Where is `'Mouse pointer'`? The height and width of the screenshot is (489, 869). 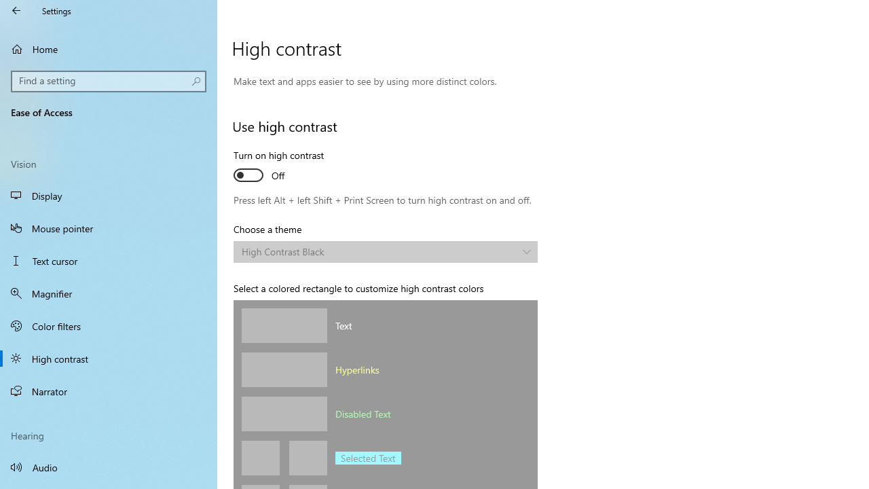
'Mouse pointer' is located at coordinates (109, 227).